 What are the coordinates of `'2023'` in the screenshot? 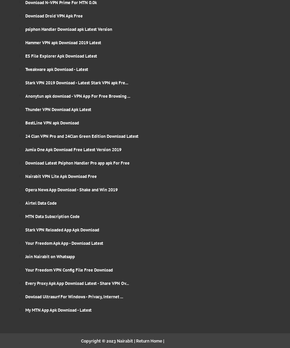 It's located at (111, 341).